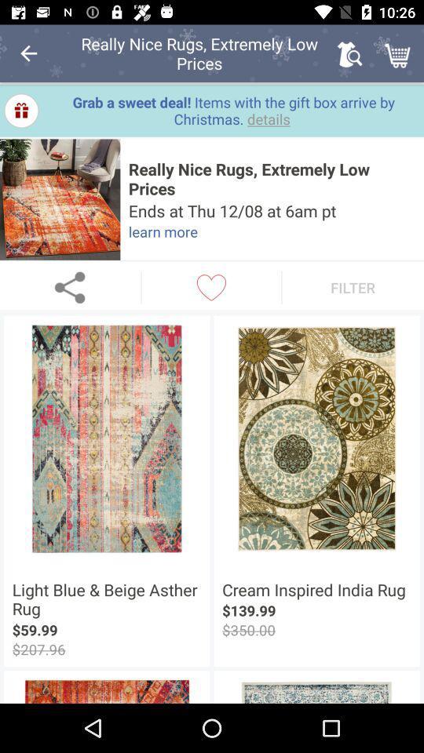 The image size is (424, 753). I want to click on the icon to the left of the really nice rugs item, so click(59, 198).